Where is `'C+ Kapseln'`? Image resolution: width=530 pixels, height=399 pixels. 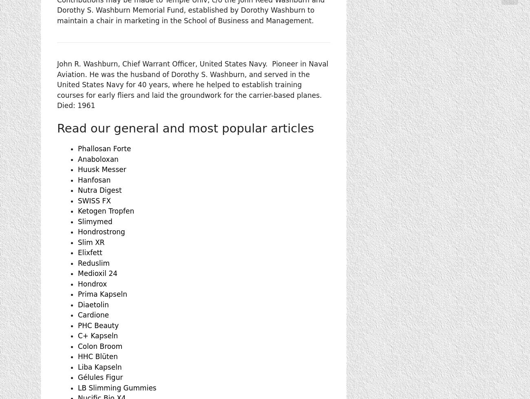
'C+ Kapseln' is located at coordinates (97, 335).